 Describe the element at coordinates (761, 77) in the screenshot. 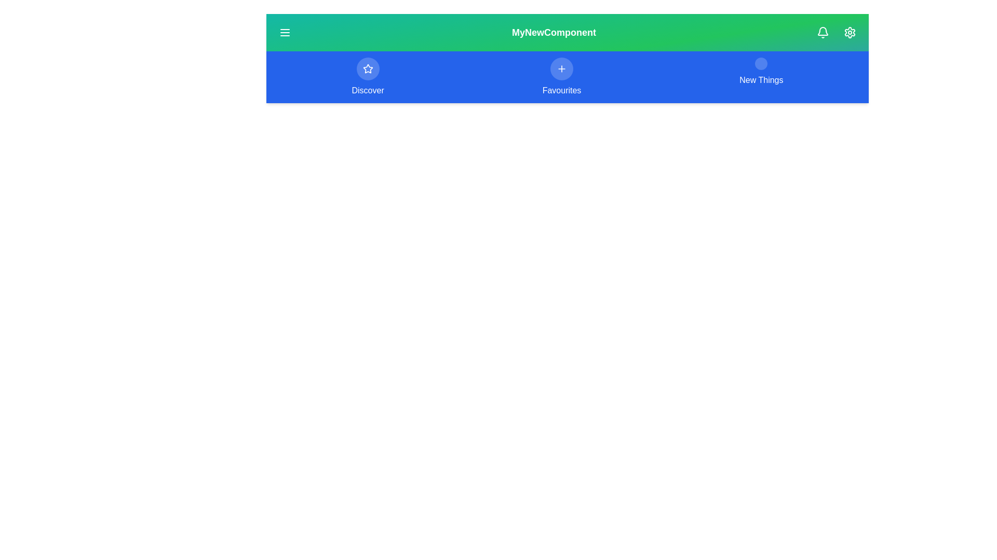

I see `the menu option New Things` at that location.